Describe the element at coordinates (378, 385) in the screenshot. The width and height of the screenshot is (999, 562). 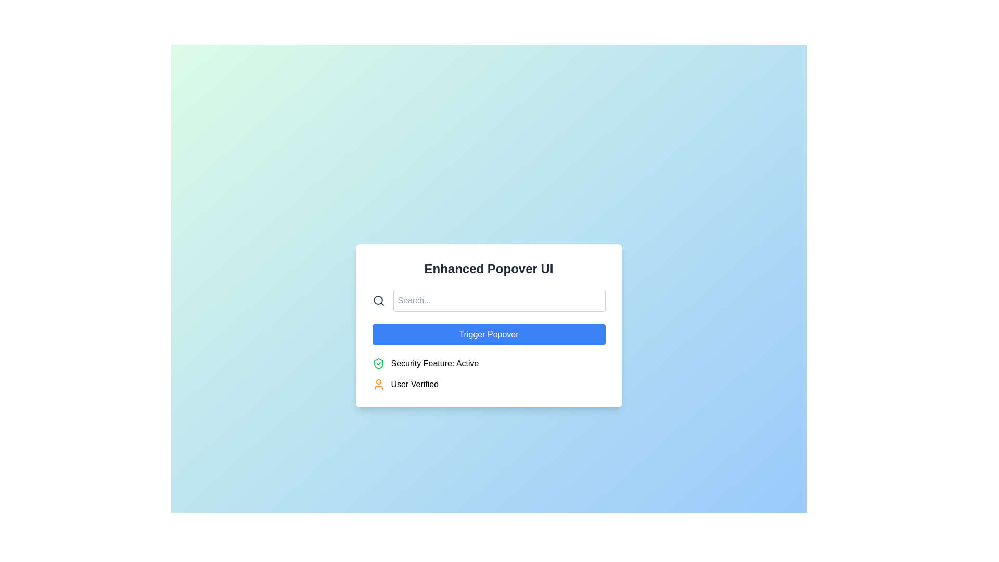
I see `the user verification icon located to the left of the 'User Verified' text` at that location.